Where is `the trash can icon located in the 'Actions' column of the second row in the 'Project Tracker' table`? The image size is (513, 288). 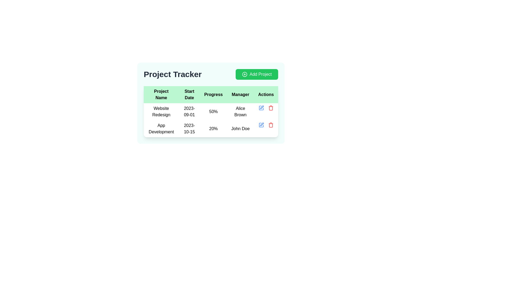 the trash can icon located in the 'Actions' column of the second row in the 'Project Tracker' table is located at coordinates (271, 108).